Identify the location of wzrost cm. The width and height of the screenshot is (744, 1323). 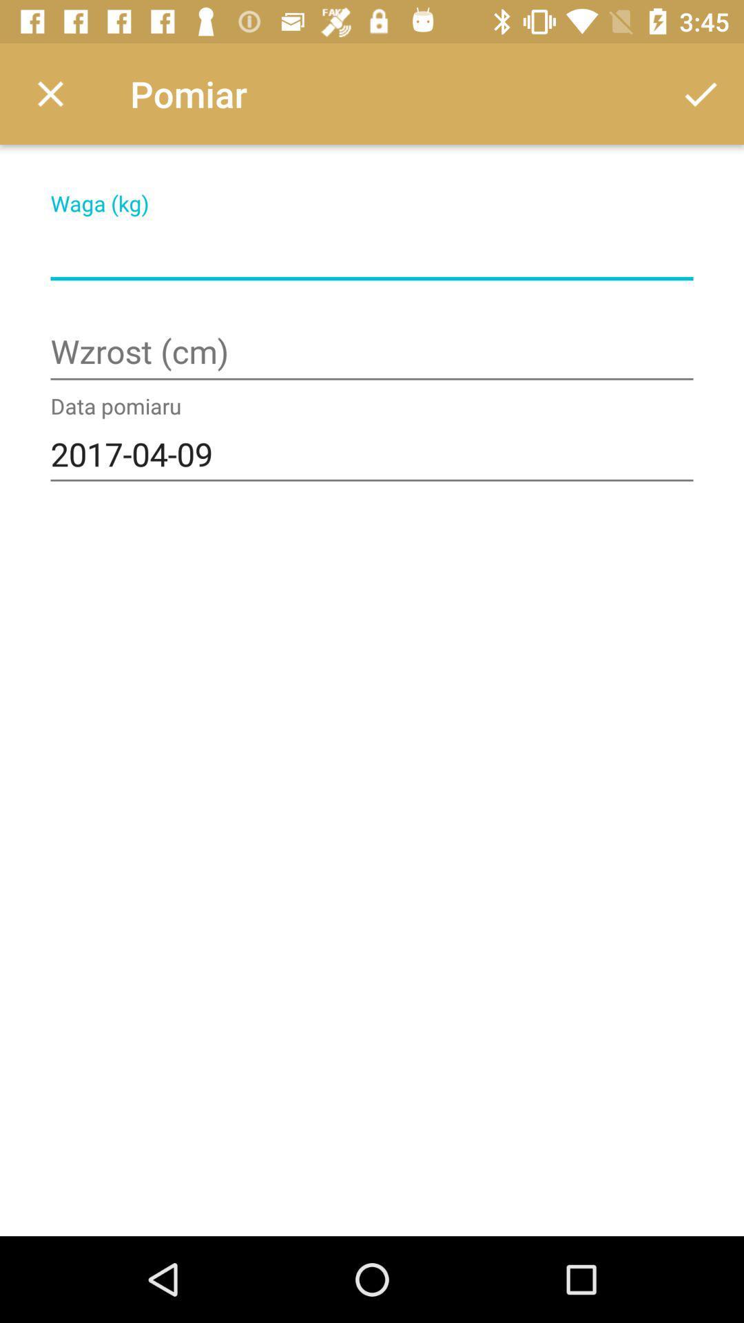
(372, 353).